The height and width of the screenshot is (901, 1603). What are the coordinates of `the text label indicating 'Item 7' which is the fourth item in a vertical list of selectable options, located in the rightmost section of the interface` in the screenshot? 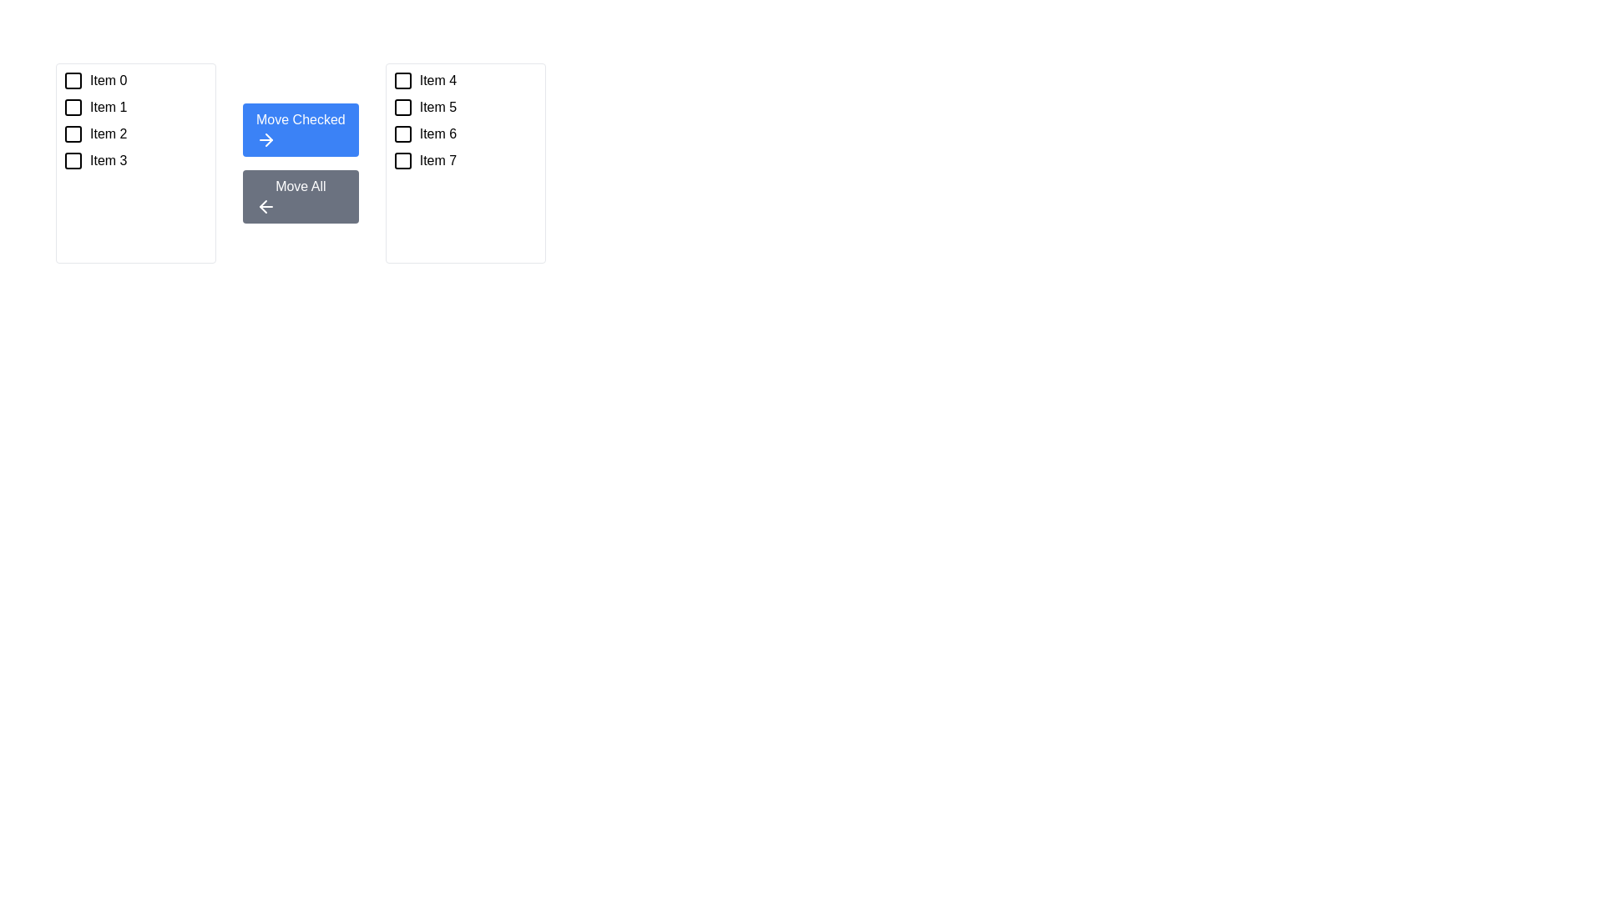 It's located at (437, 160).